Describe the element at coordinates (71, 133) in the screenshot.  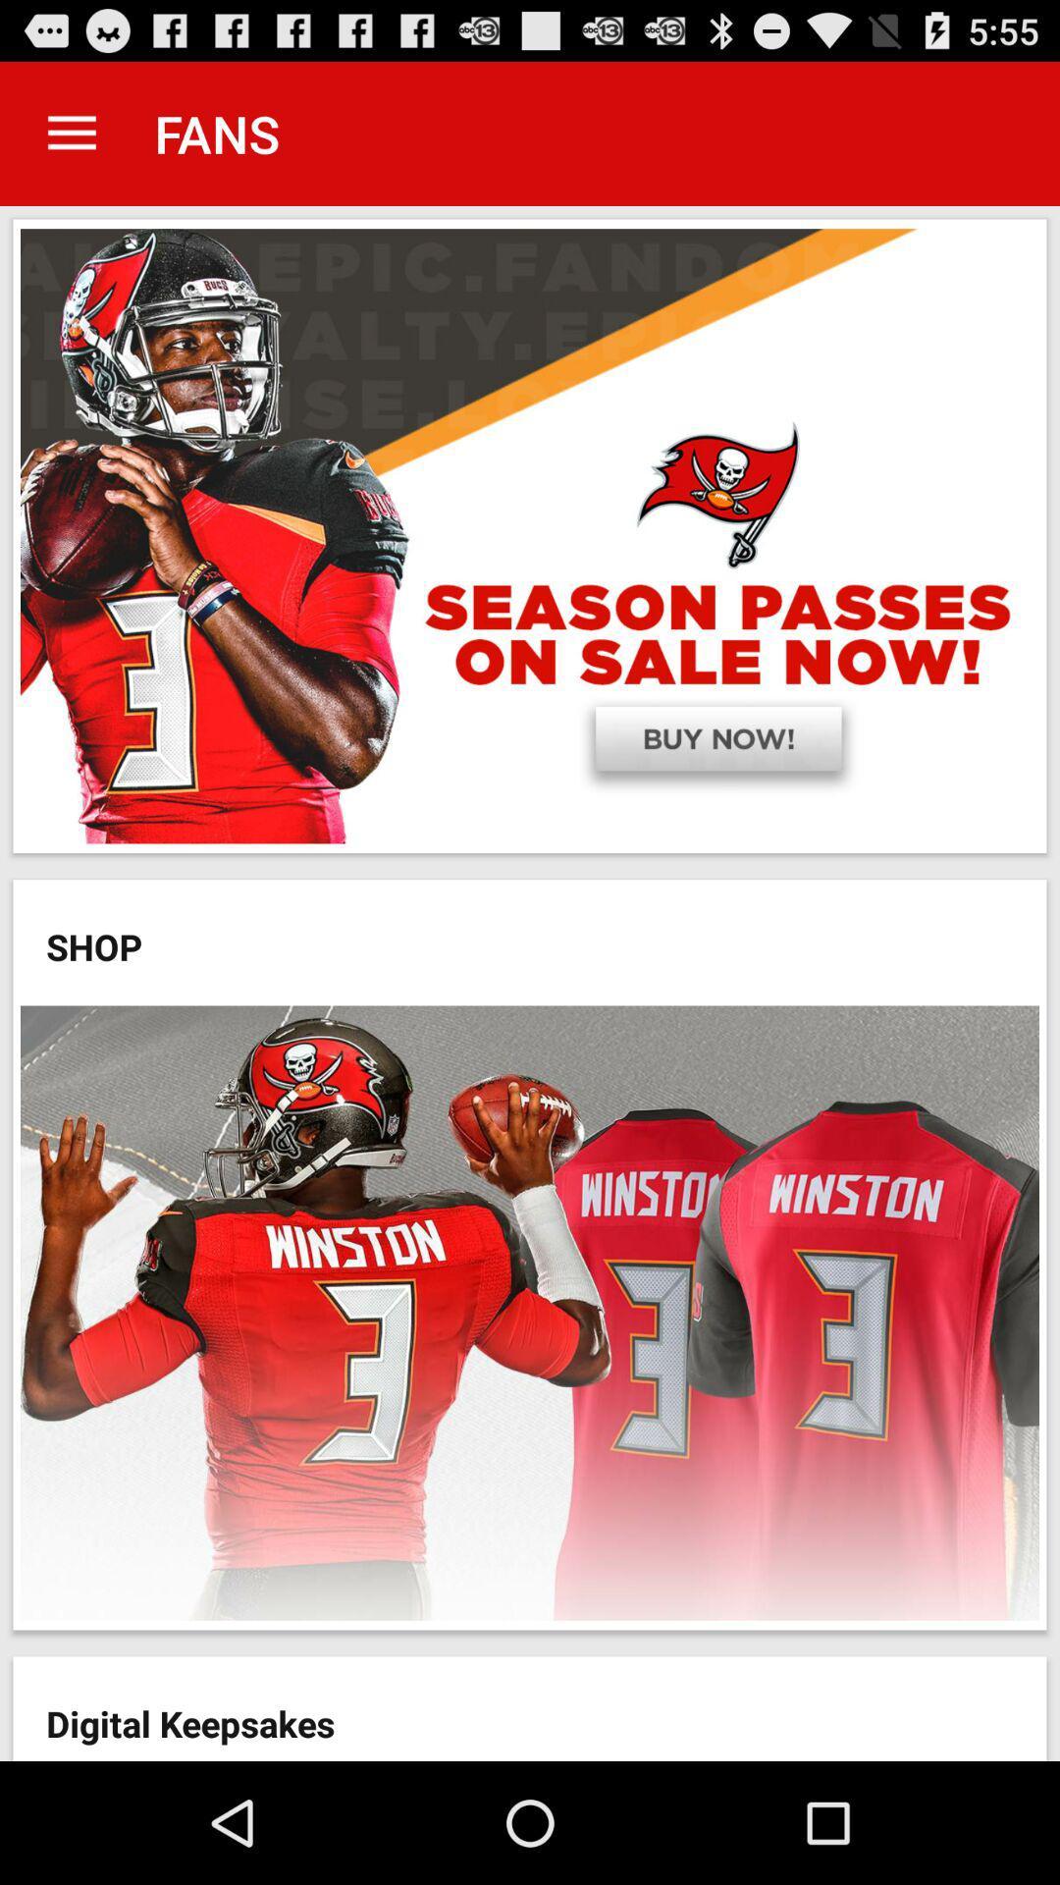
I see `the icon next to fans app` at that location.